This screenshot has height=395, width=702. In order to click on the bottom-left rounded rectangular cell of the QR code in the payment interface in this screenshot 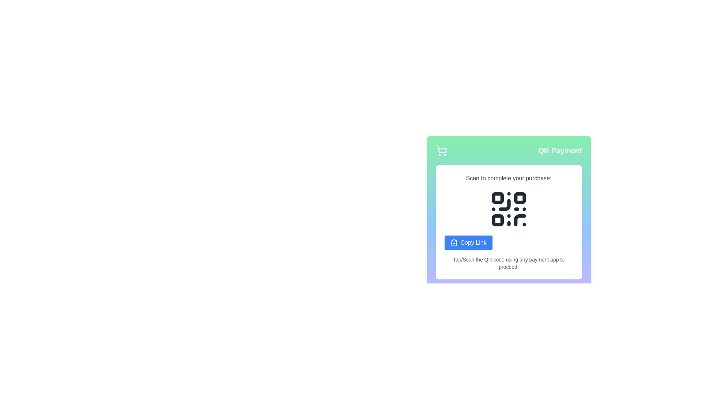, I will do `click(497, 220)`.